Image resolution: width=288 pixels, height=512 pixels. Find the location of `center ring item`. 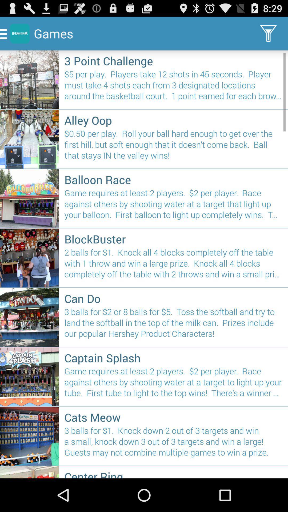

center ring item is located at coordinates (173, 474).